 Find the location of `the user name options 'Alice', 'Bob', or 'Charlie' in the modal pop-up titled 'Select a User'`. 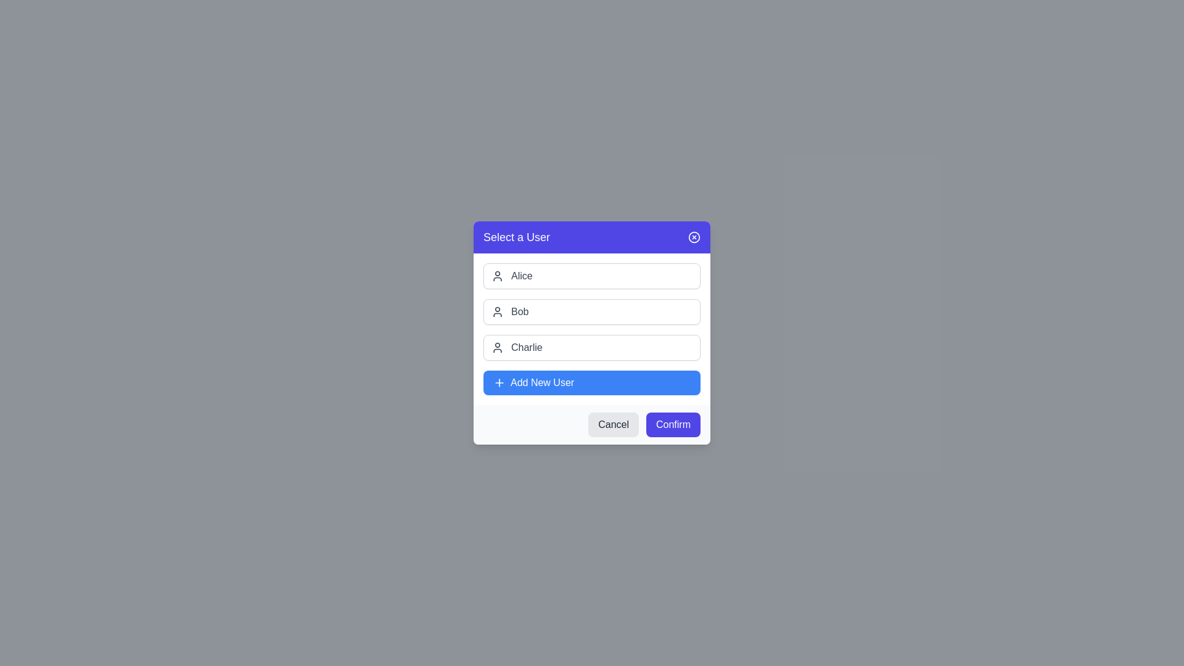

the user name options 'Alice', 'Bob', or 'Charlie' in the modal pop-up titled 'Select a User' is located at coordinates (592, 333).